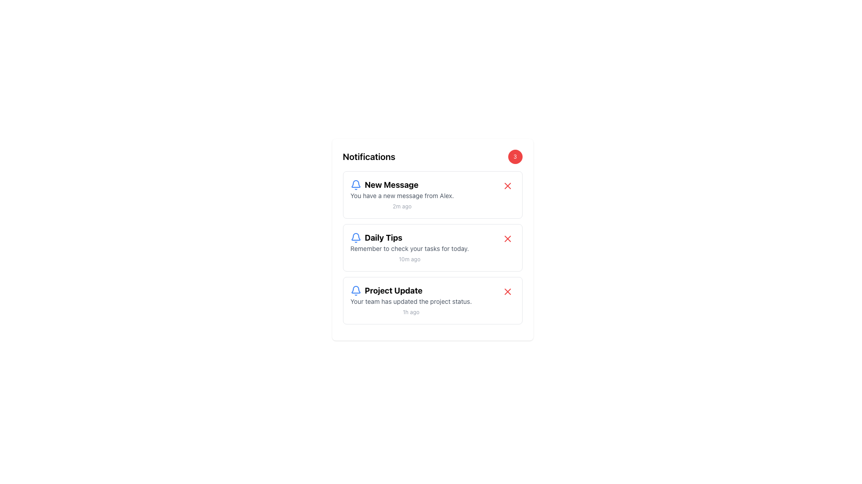 The width and height of the screenshot is (862, 484). Describe the element at coordinates (355, 183) in the screenshot. I see `the notification icon located in the top-right corner of the notifications panel` at that location.